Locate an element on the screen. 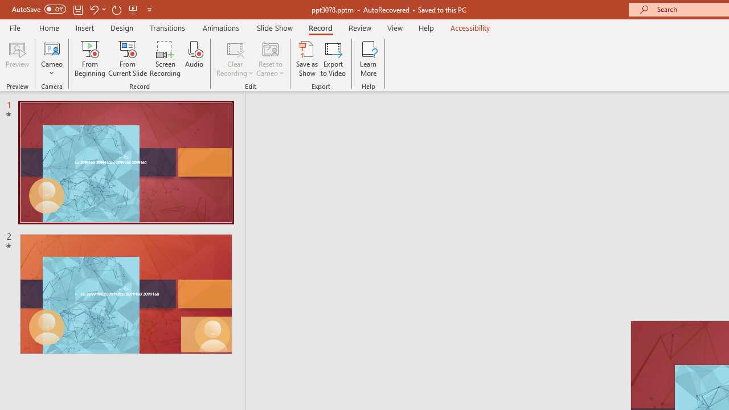 The width and height of the screenshot is (729, 410). 'Clear Recording' is located at coordinates (234, 59).